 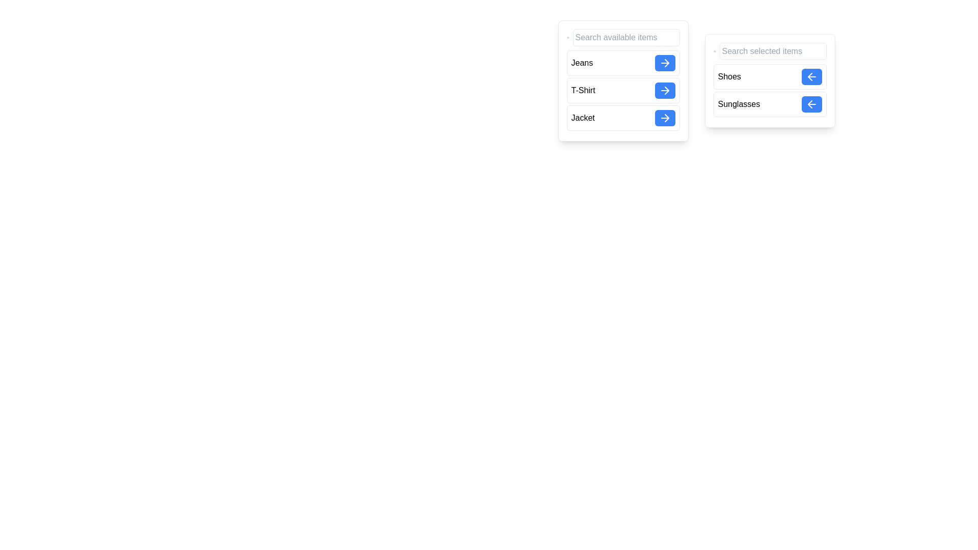 What do you see at coordinates (583, 90) in the screenshot?
I see `text from the 'T-Shirt' label located in the left-side panel labeled 'Search available items', which is the second item in the list between 'Jeans' and 'Jacket'` at bounding box center [583, 90].